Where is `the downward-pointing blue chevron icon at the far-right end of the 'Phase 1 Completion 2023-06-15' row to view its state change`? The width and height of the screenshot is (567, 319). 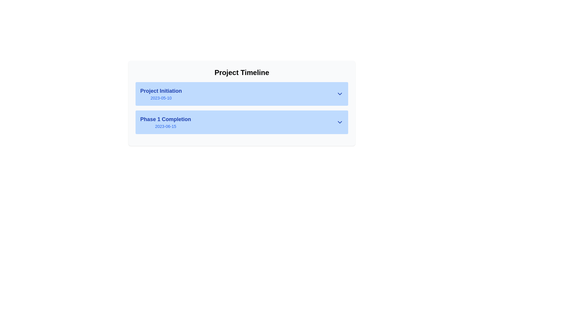 the downward-pointing blue chevron icon at the far-right end of the 'Phase 1 Completion 2023-06-15' row to view its state change is located at coordinates (340, 122).